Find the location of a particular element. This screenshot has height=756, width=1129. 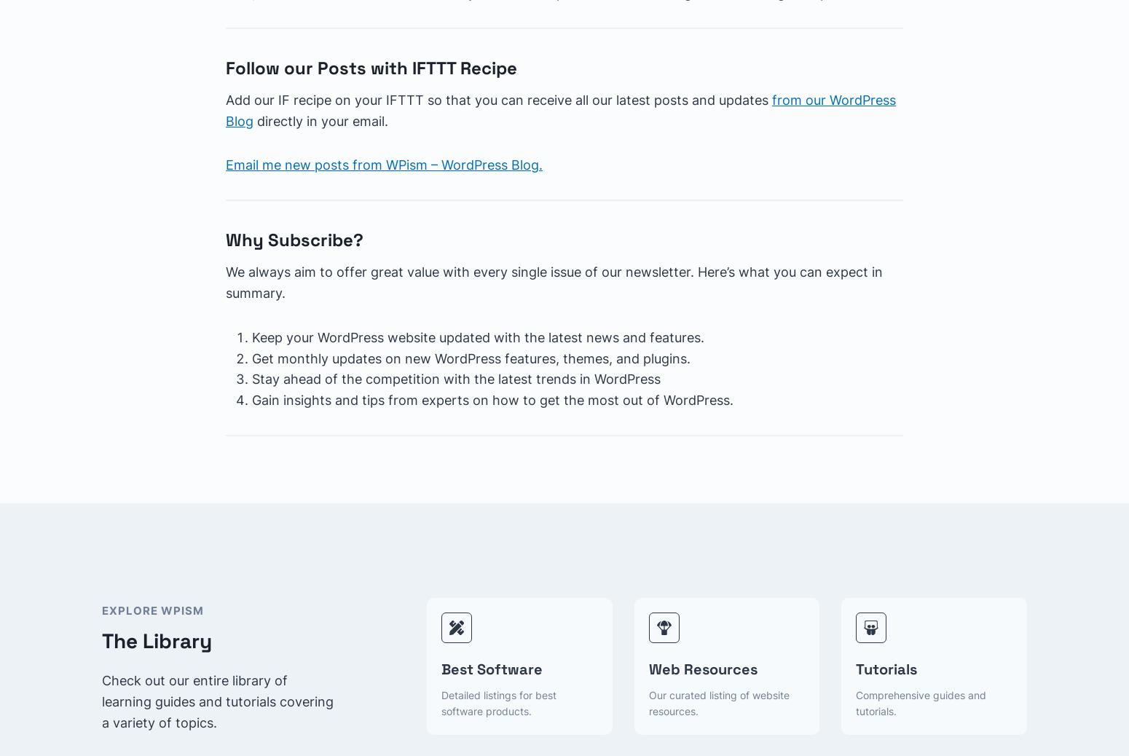

'Comprehensive guides and tutorials.' is located at coordinates (920, 703).